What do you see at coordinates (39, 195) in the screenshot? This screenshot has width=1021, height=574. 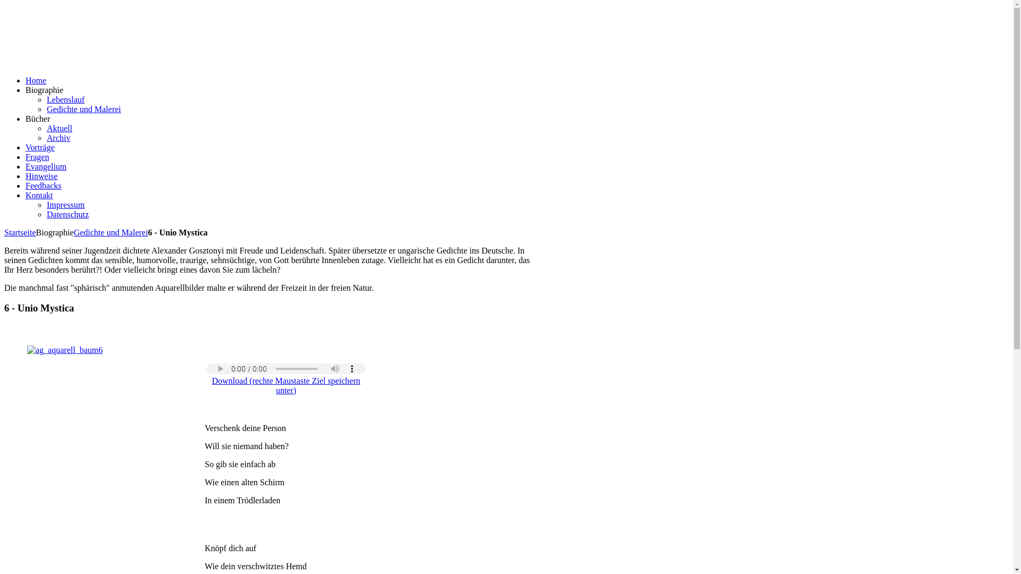 I see `'Kontakt'` at bounding box center [39, 195].